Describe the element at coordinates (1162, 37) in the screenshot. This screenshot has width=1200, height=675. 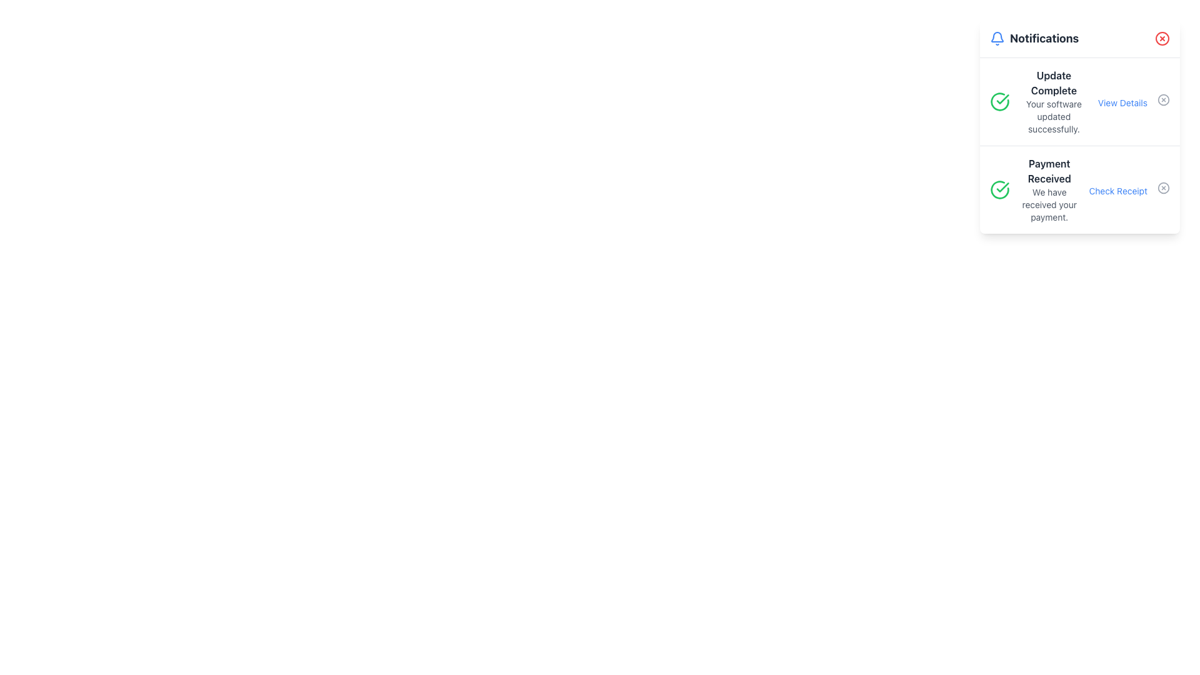
I see `the close button located in the top-right corner of the Notifications panel` at that location.